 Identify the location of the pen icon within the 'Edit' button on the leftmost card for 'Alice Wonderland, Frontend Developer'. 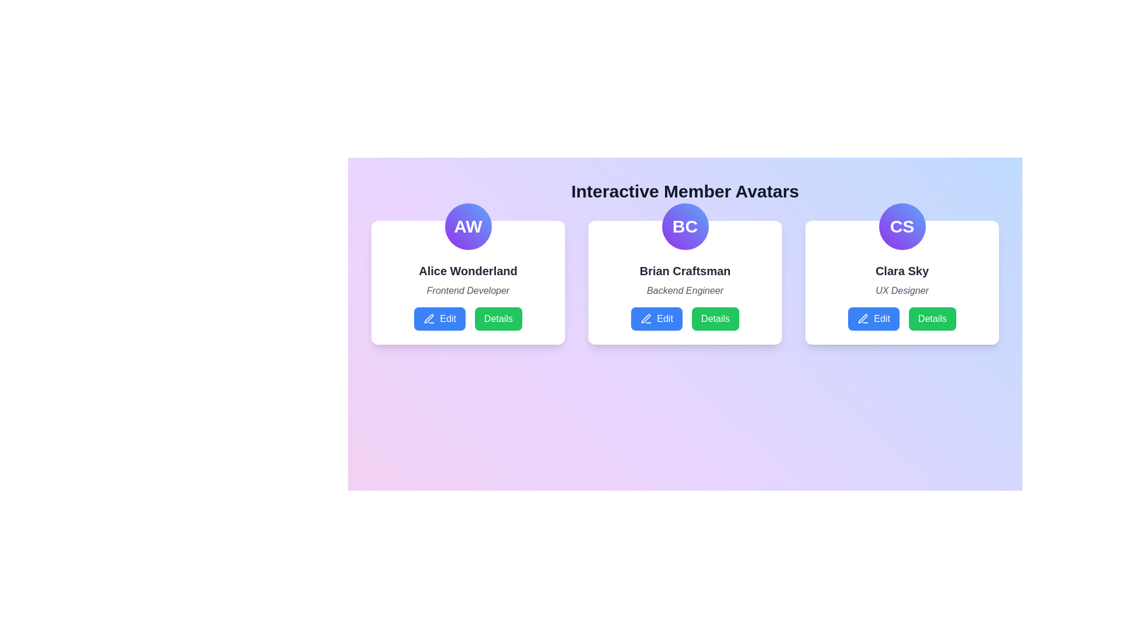
(429, 319).